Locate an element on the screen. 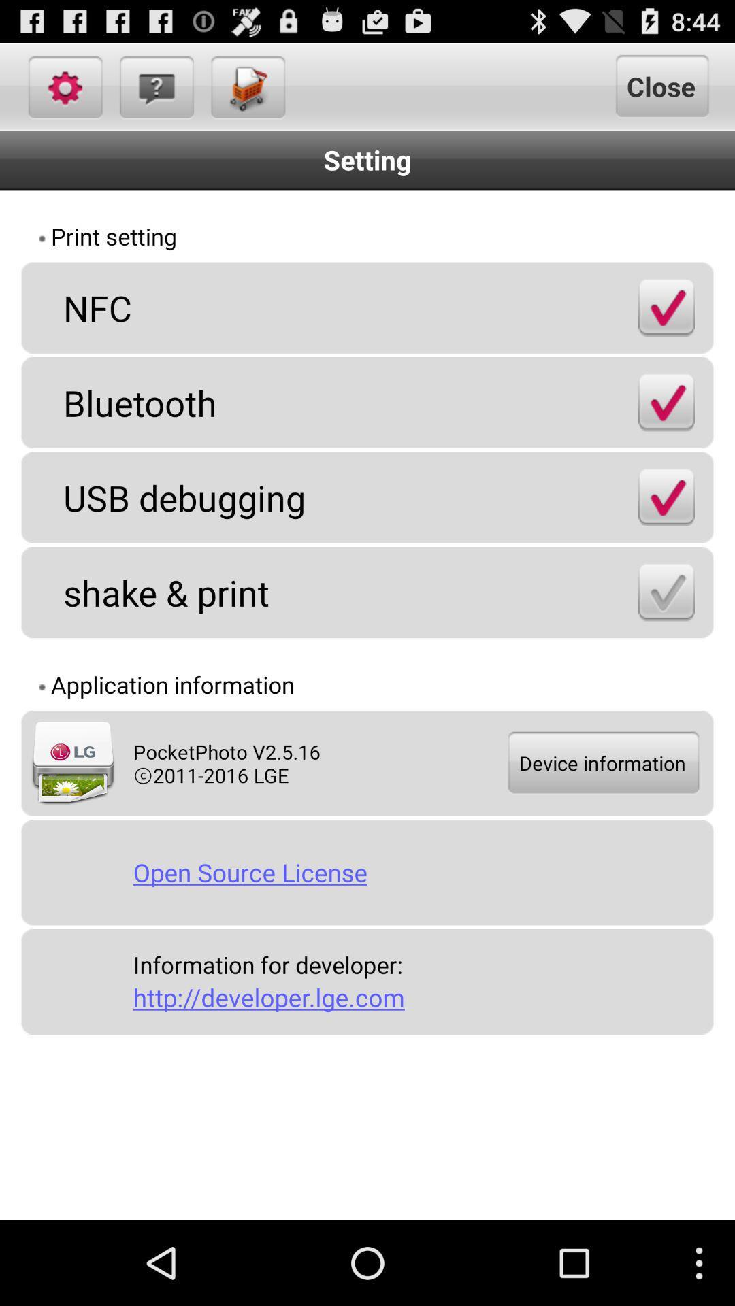 This screenshot has height=1306, width=735. icon above the setting app is located at coordinates (154, 86).